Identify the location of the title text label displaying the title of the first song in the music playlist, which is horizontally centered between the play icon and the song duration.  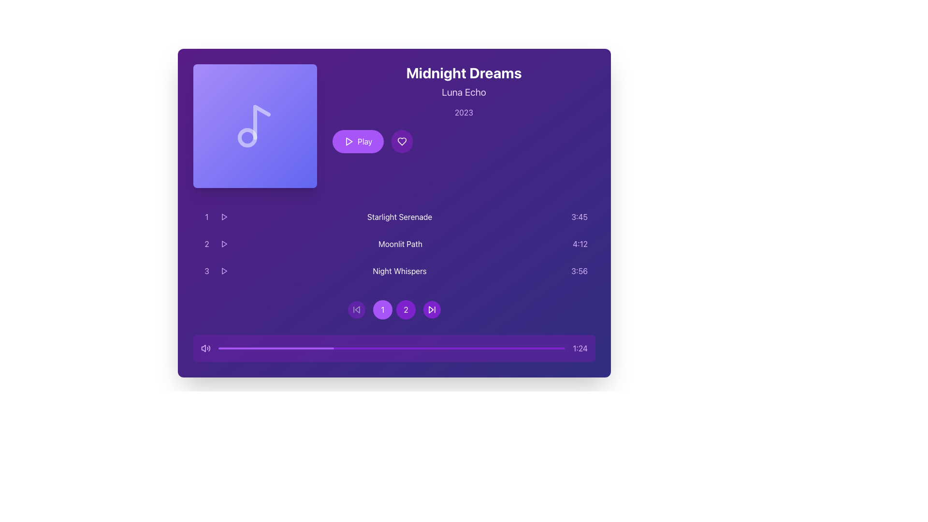
(400, 216).